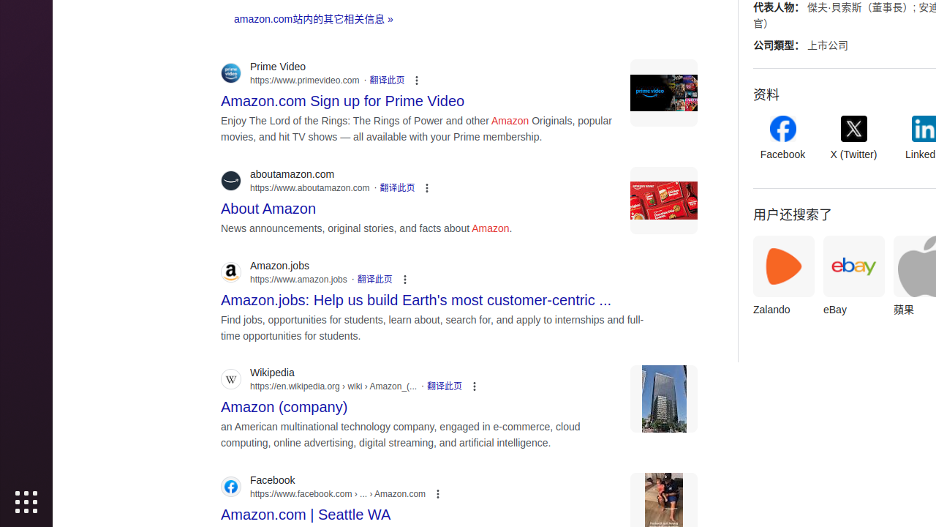 Image resolution: width=936 pixels, height=527 pixels. What do you see at coordinates (853, 138) in the screenshot?
I see `'X (Twitter)'` at bounding box center [853, 138].